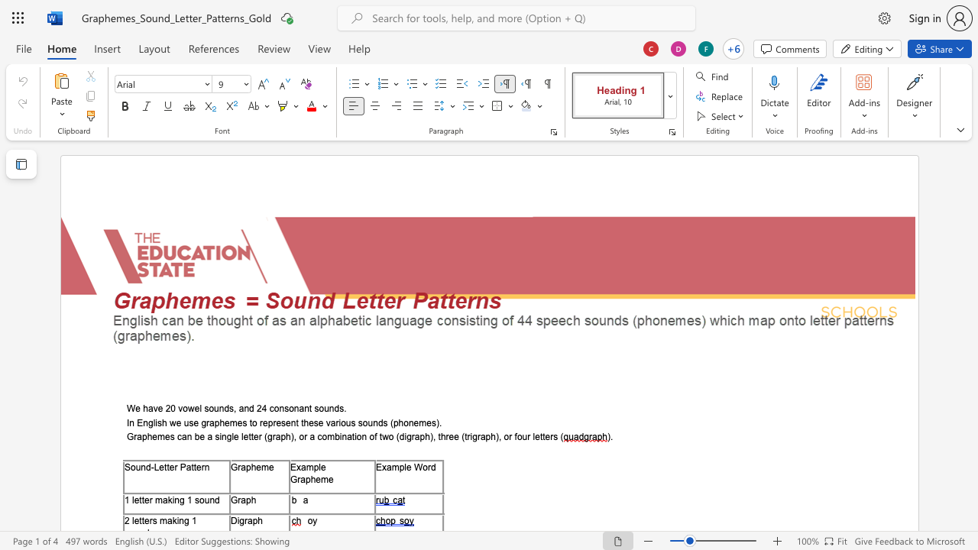 Image resolution: width=978 pixels, height=550 pixels. I want to click on the space between the continuous character "e" and "m" in the text, so click(229, 422).